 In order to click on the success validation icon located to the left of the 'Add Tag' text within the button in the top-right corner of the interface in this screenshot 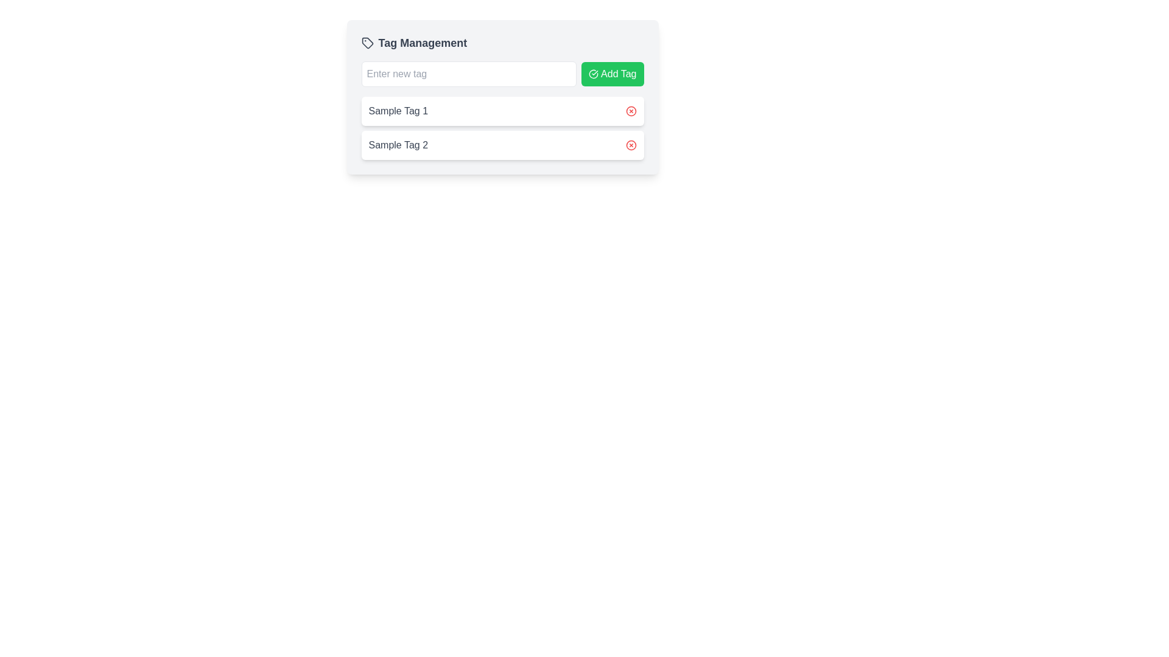, I will do `click(594, 74)`.